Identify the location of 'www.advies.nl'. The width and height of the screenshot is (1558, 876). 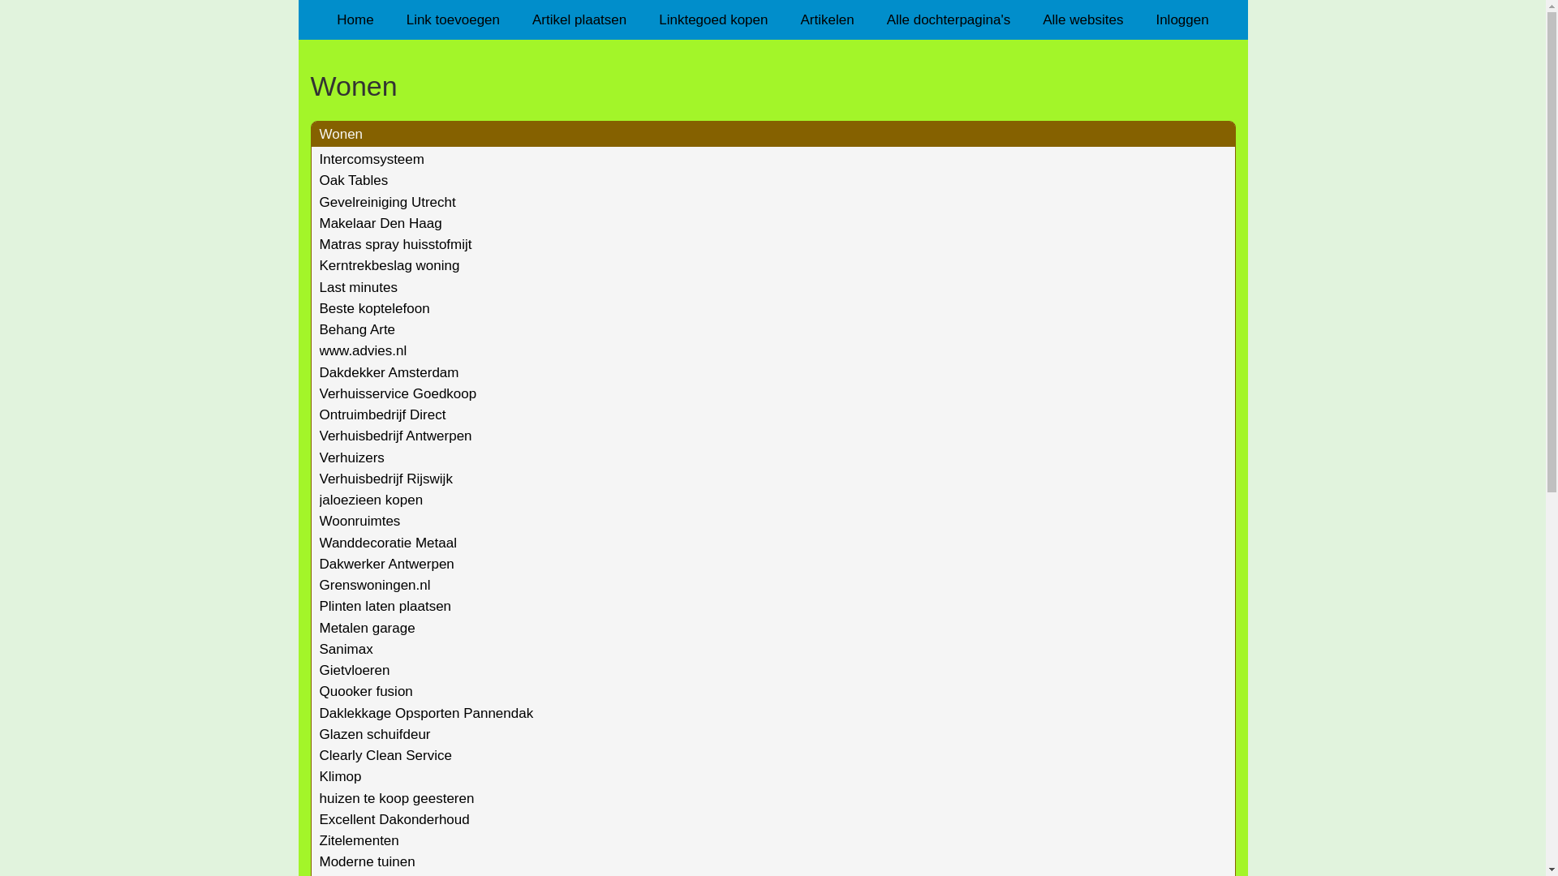
(362, 350).